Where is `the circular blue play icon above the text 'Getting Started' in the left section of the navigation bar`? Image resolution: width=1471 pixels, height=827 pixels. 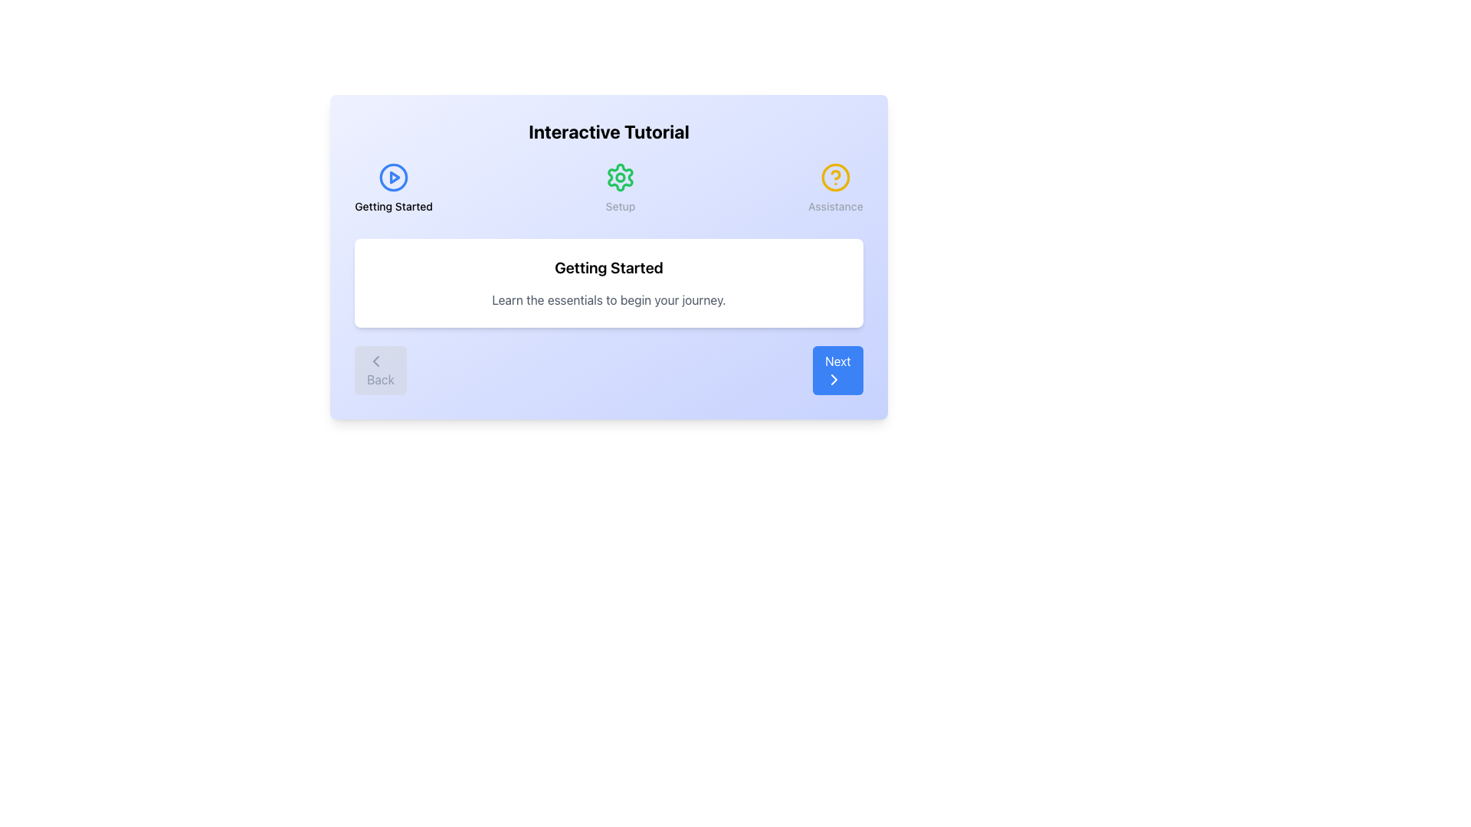
the circular blue play icon above the text 'Getting Started' in the left section of the navigation bar is located at coordinates (394, 188).